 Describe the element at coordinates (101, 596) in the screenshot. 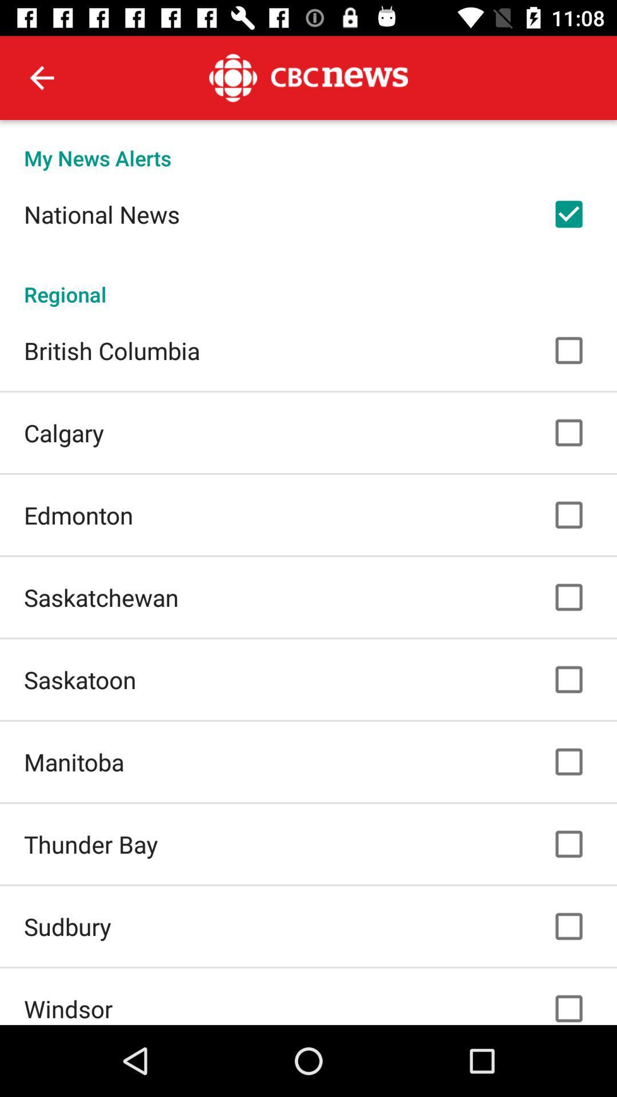

I see `item below edmonton` at that location.